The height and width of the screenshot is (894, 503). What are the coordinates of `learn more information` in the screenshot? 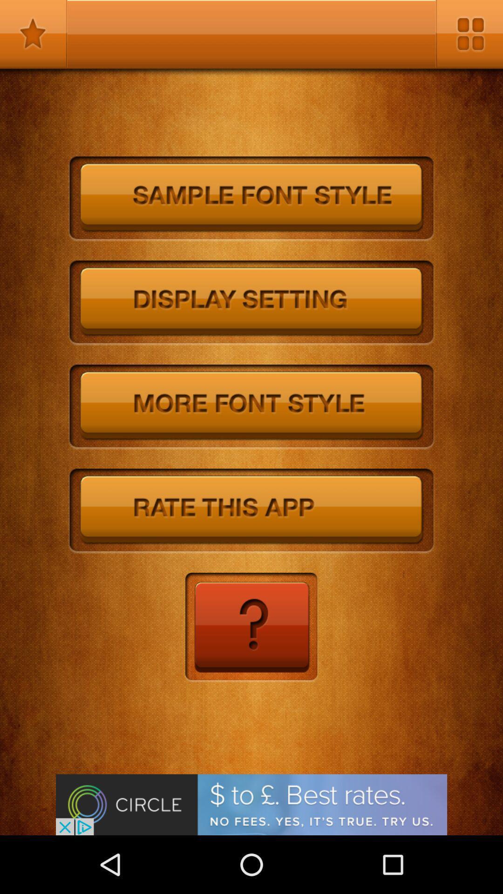 It's located at (251, 628).